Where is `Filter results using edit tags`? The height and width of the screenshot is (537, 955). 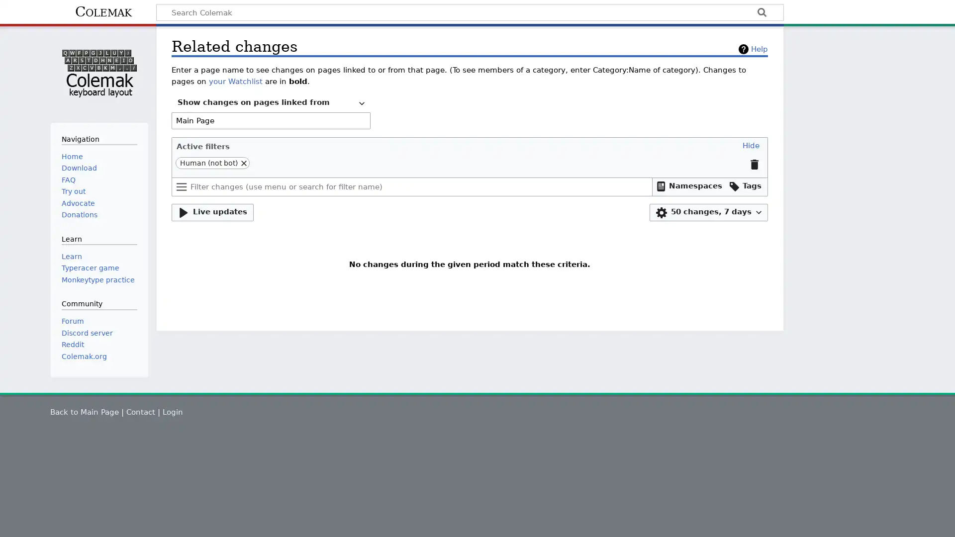
Filter results using edit tags is located at coordinates (745, 186).